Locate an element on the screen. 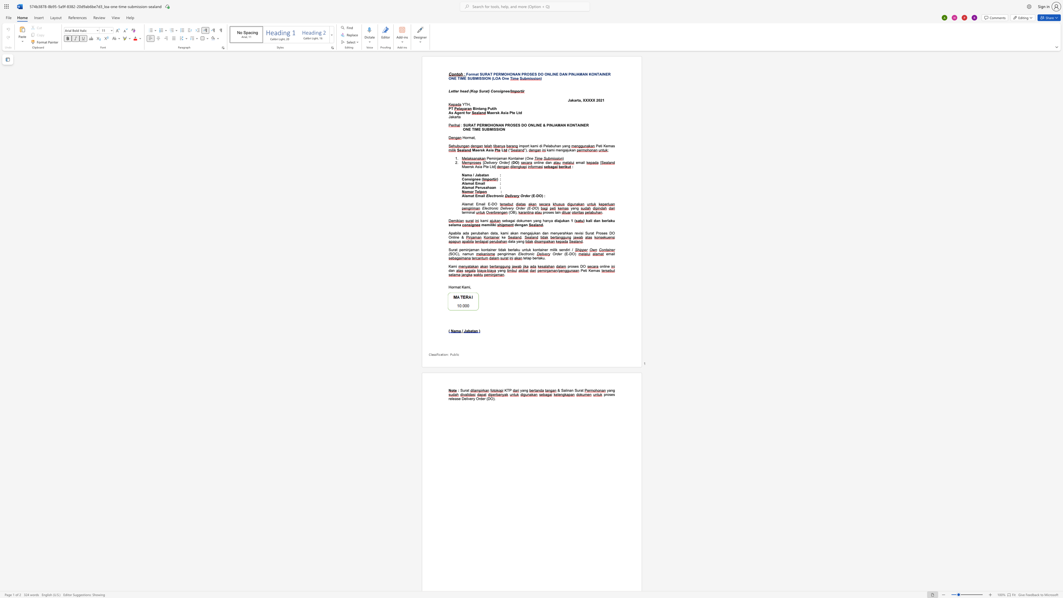 Image resolution: width=1063 pixels, height=598 pixels. the subset text "SSIO" within the text "ONE TIME SUBMISSION" is located at coordinates (494, 129).